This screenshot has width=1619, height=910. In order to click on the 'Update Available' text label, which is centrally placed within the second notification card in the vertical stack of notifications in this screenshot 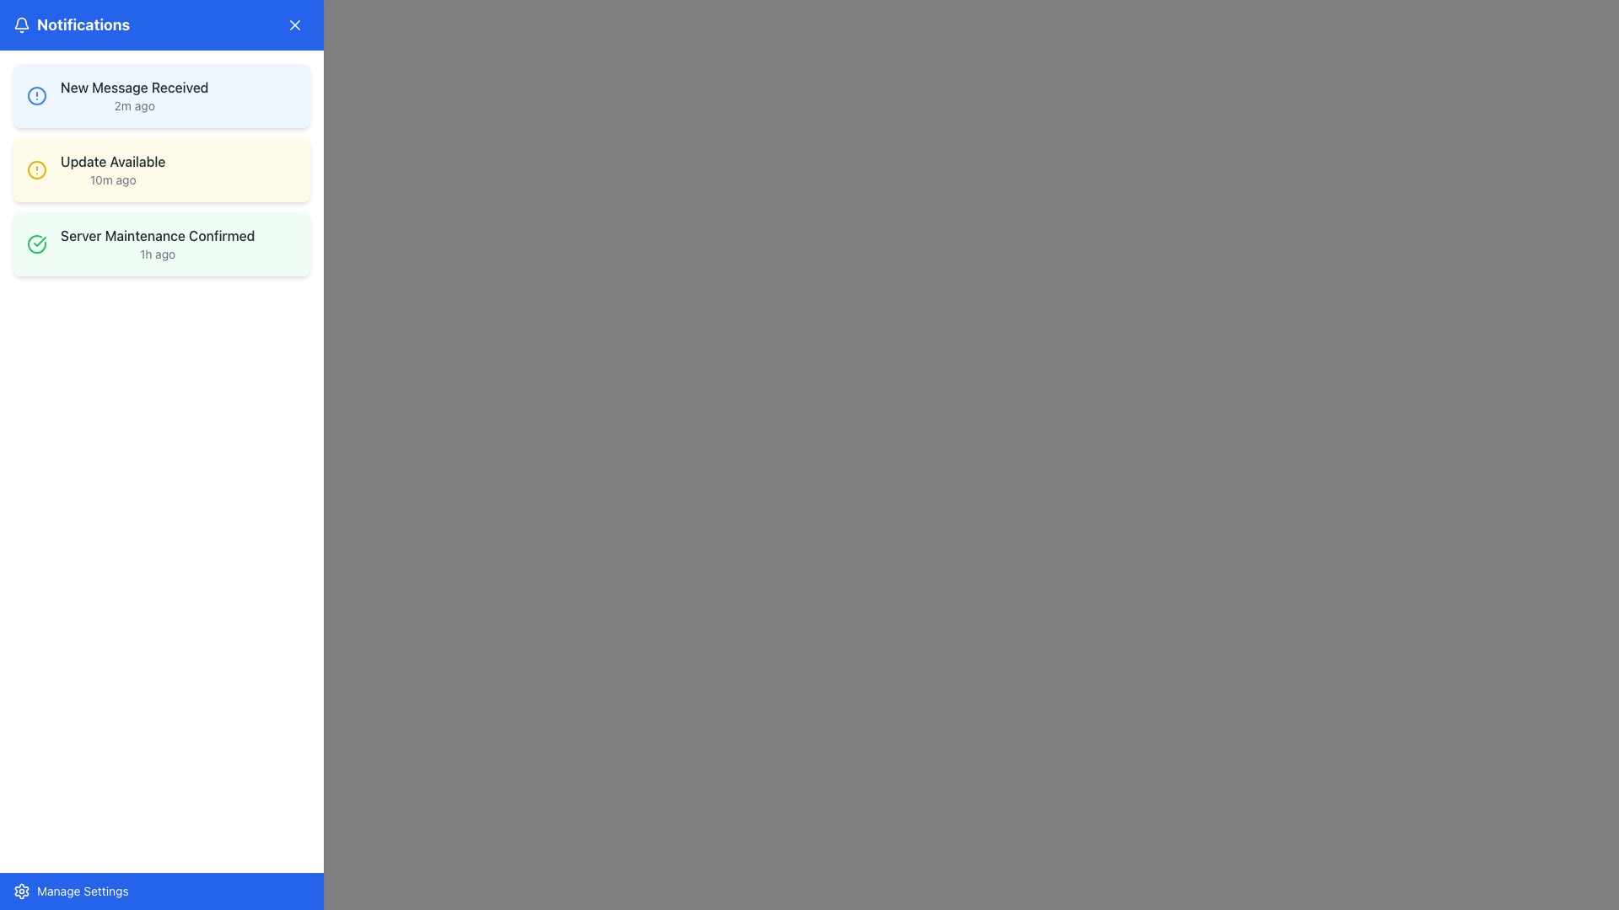, I will do `click(112, 162)`.